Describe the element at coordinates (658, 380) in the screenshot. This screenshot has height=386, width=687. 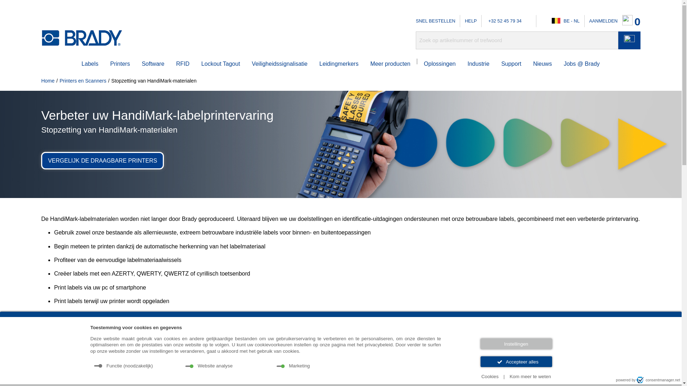
I see `'consentmanager.net'` at that location.